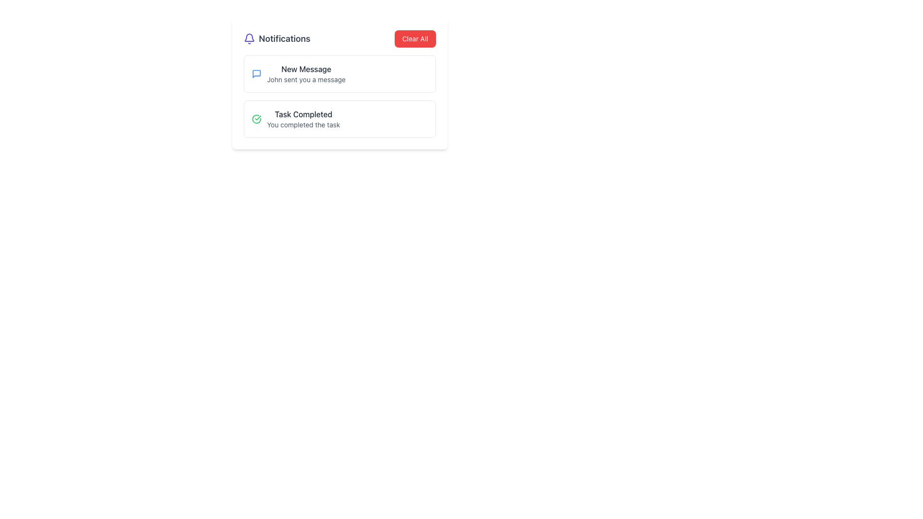 The image size is (923, 519). Describe the element at coordinates (256, 74) in the screenshot. I see `the blue message square icon located in the top-left corner of the notification panel, next to the 'New Message' text` at that location.